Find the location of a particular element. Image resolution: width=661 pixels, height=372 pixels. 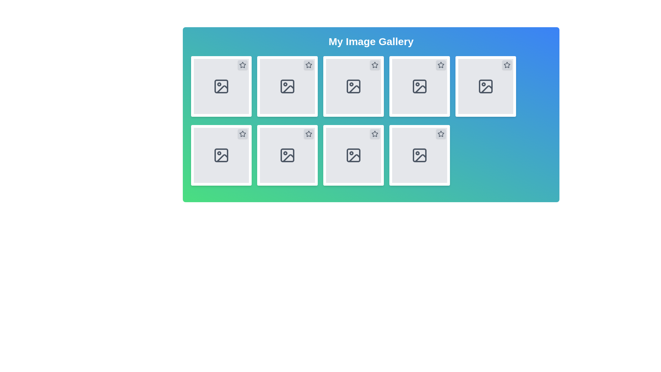

the interactive star icon located in the top-right corner of the bottom-right card in the image gallery to observe the visual effect that indicates the item's favorited status is located at coordinates (441, 134).